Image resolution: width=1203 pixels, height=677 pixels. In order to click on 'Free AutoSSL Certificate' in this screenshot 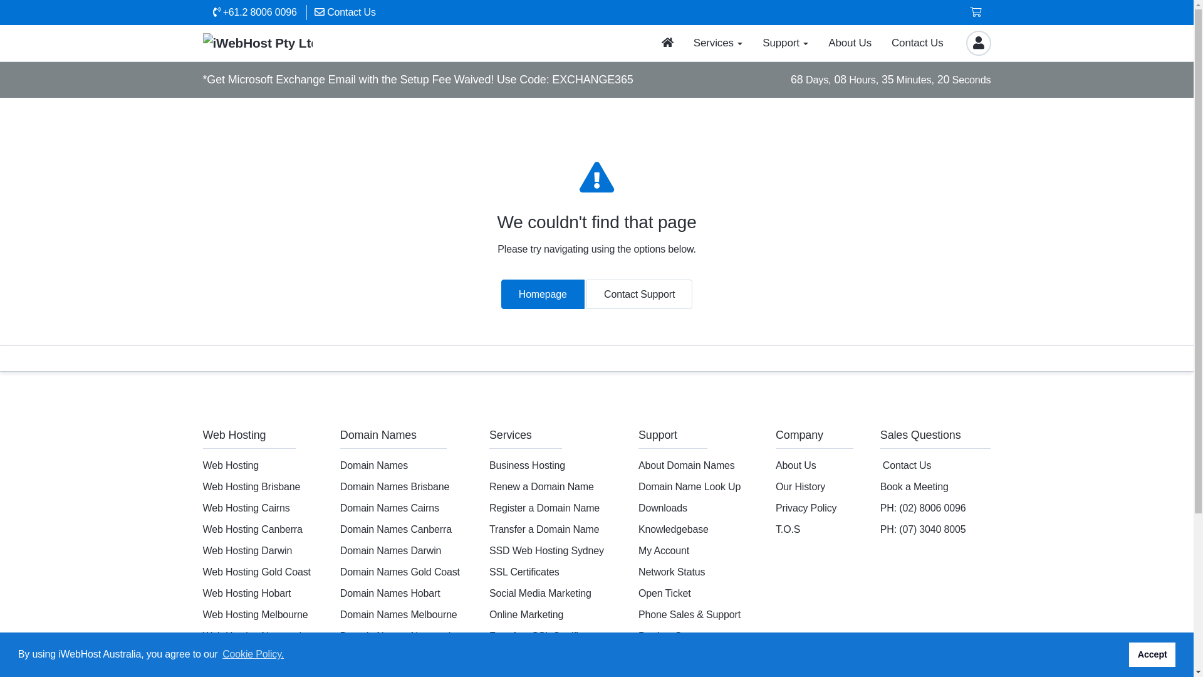, I will do `click(543, 636)`.